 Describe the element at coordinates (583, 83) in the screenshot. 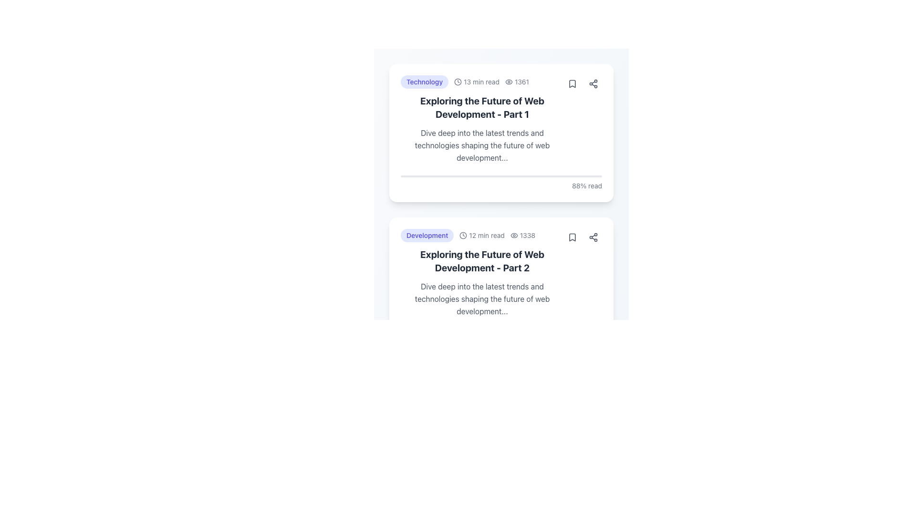

I see `the group of interactive buttons located in the top-right corner of the information card labeled 'Exploring the Future of Web Development - Part 1'` at that location.